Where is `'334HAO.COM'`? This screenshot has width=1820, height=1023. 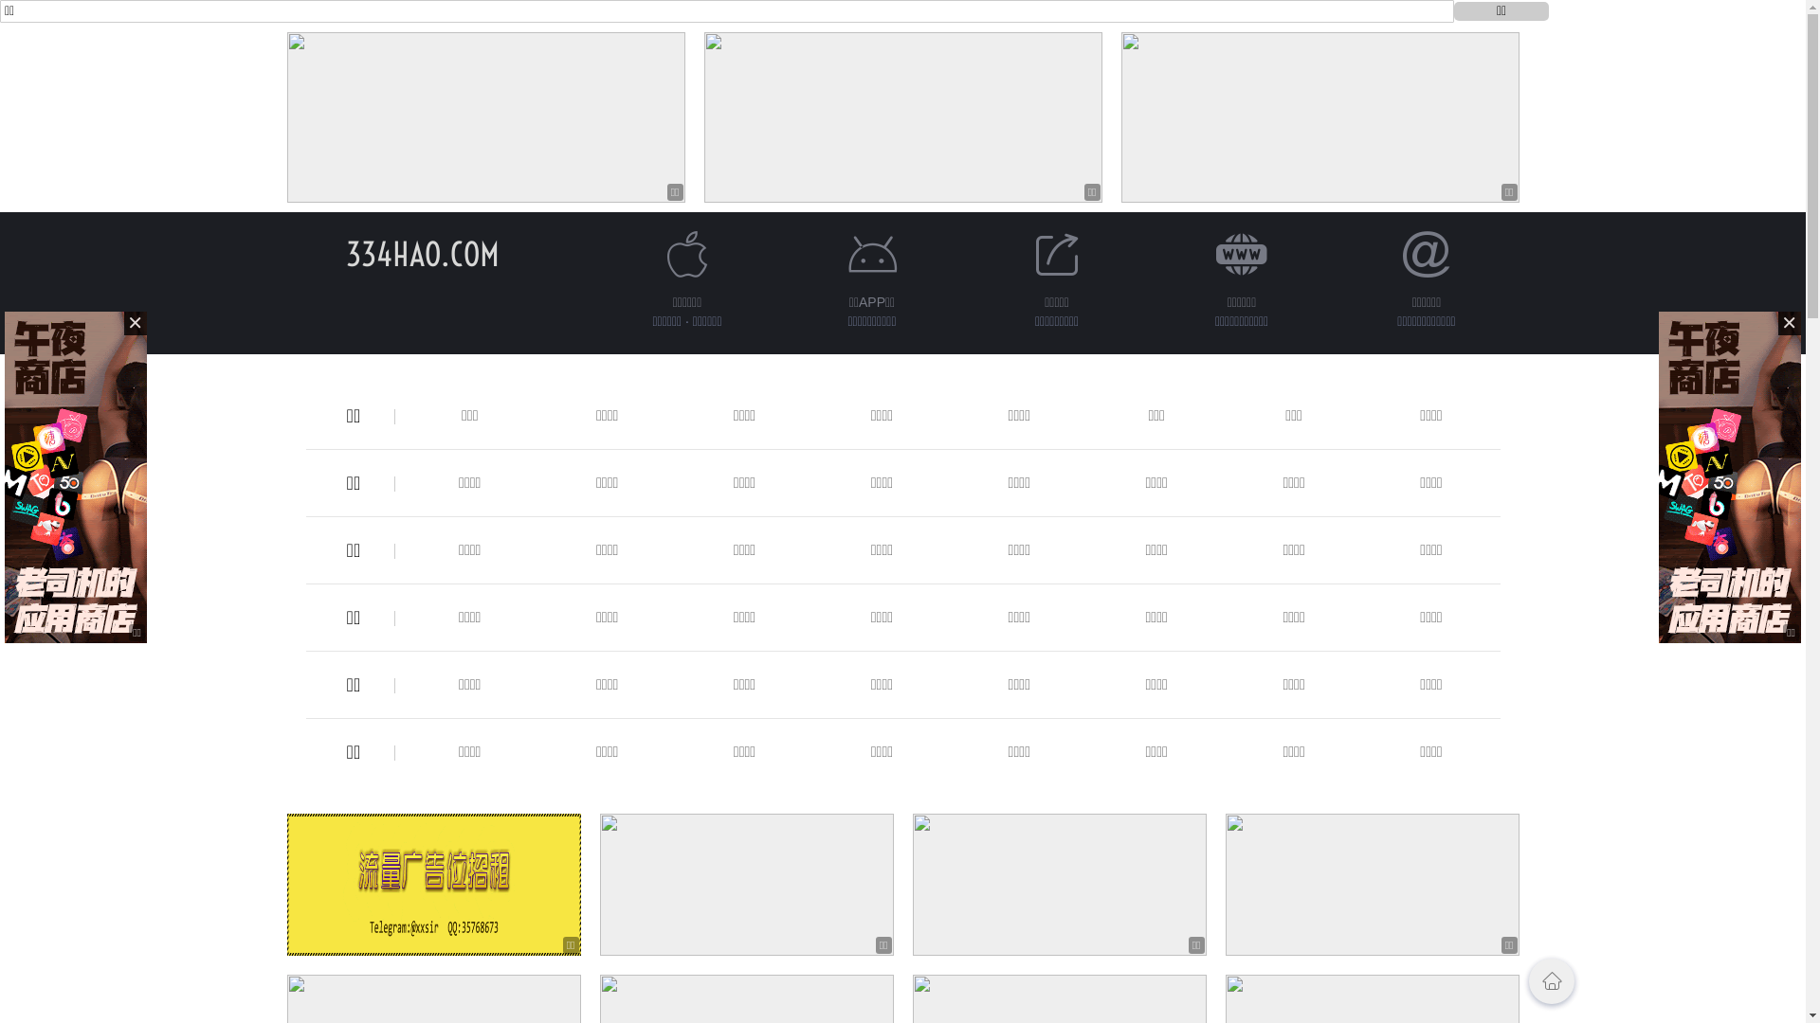 '334HAO.COM' is located at coordinates (421, 253).